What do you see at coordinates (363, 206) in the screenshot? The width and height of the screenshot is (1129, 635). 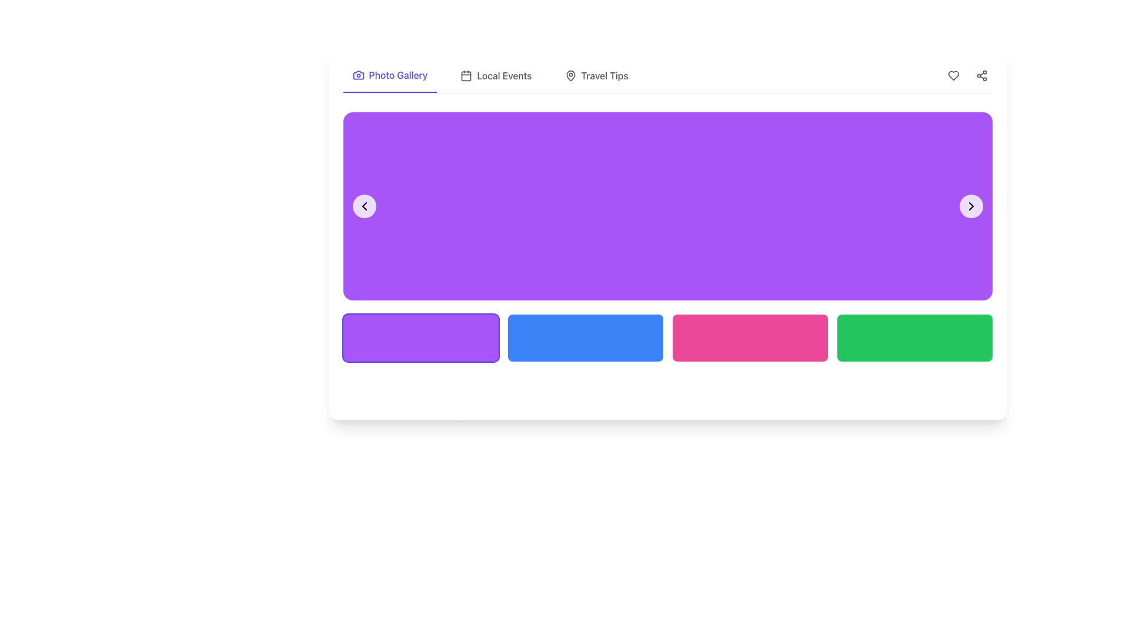 I see `the left navigation button of the carousel` at bounding box center [363, 206].